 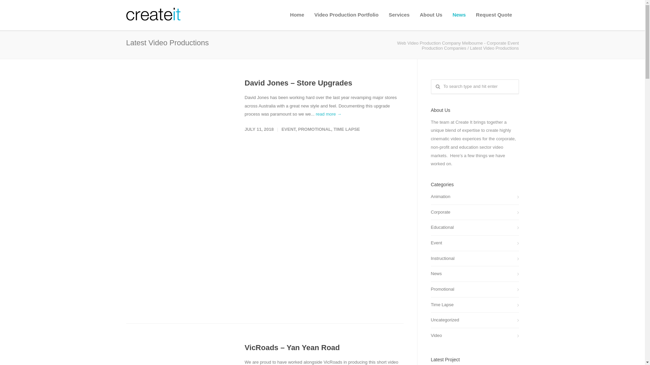 What do you see at coordinates (474, 212) in the screenshot?
I see `'Corporate'` at bounding box center [474, 212].